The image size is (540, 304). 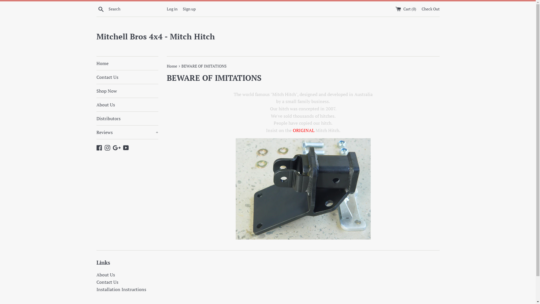 What do you see at coordinates (96, 147) in the screenshot?
I see `'Facebook'` at bounding box center [96, 147].